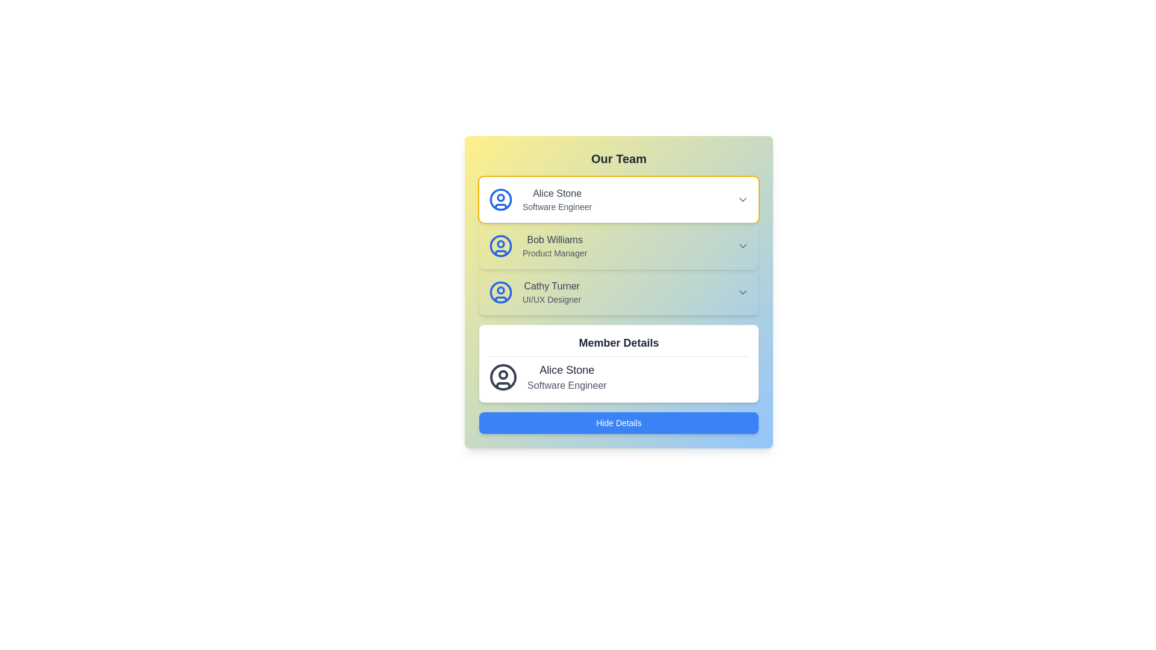 The height and width of the screenshot is (650, 1156). I want to click on the informational list row containing 'Bob Williams' and 'Product Manager', so click(537, 245).